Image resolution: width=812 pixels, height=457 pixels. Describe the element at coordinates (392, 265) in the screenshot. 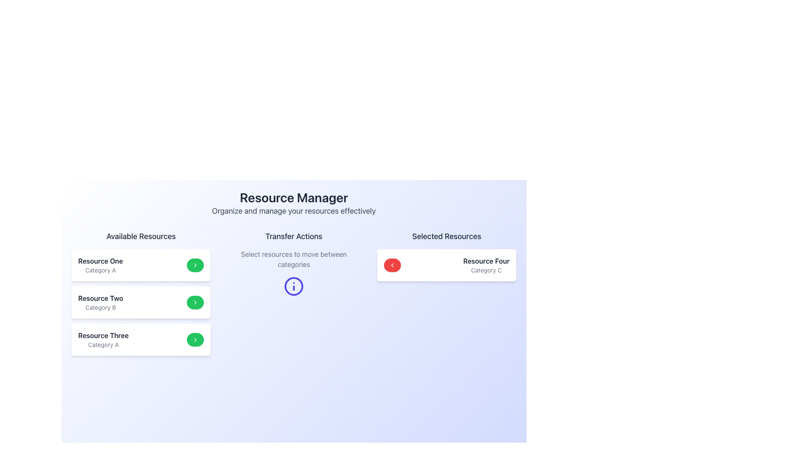

I see `the left-pointing chevron icon button located at the top-left corner of the 'Resource Four' card in the 'Selected Resources' section to interact with it` at that location.